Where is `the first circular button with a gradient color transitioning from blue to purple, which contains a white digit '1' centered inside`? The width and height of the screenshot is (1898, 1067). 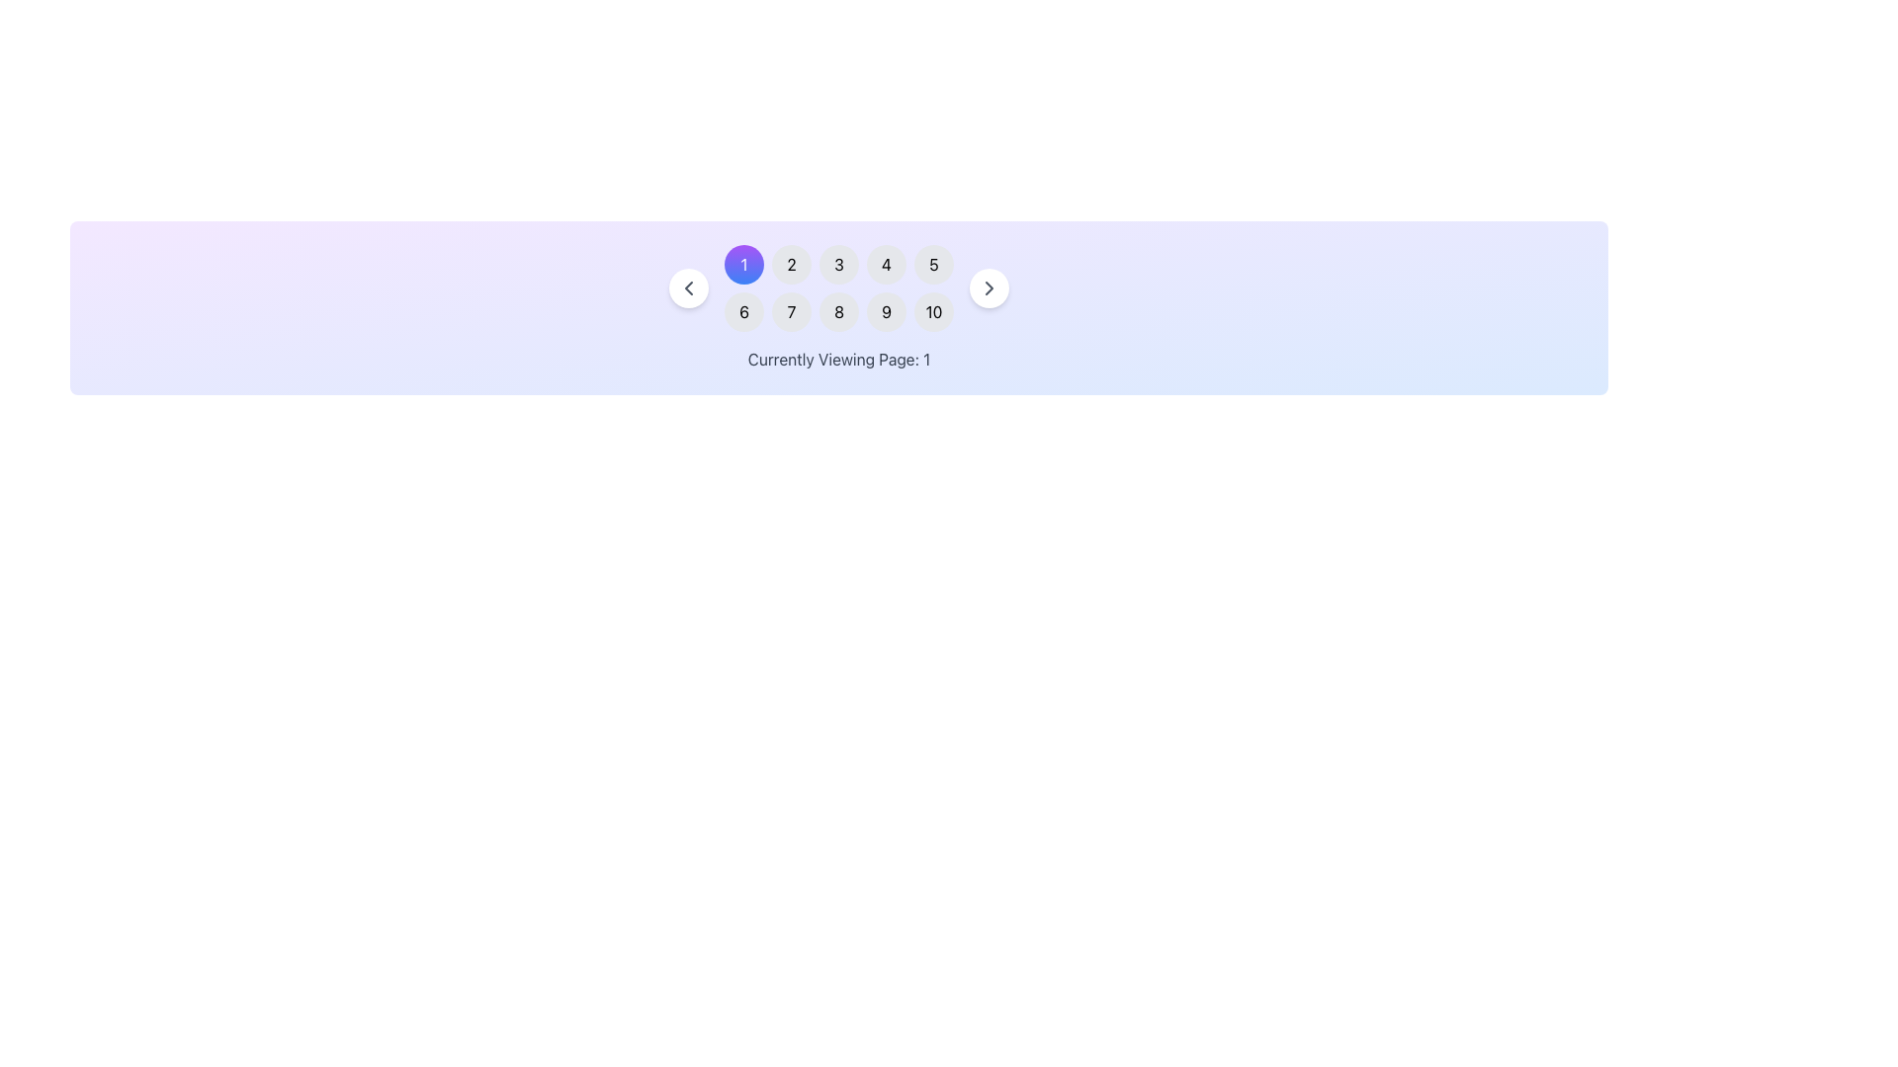 the first circular button with a gradient color transitioning from blue to purple, which contains a white digit '1' centered inside is located at coordinates (743, 263).